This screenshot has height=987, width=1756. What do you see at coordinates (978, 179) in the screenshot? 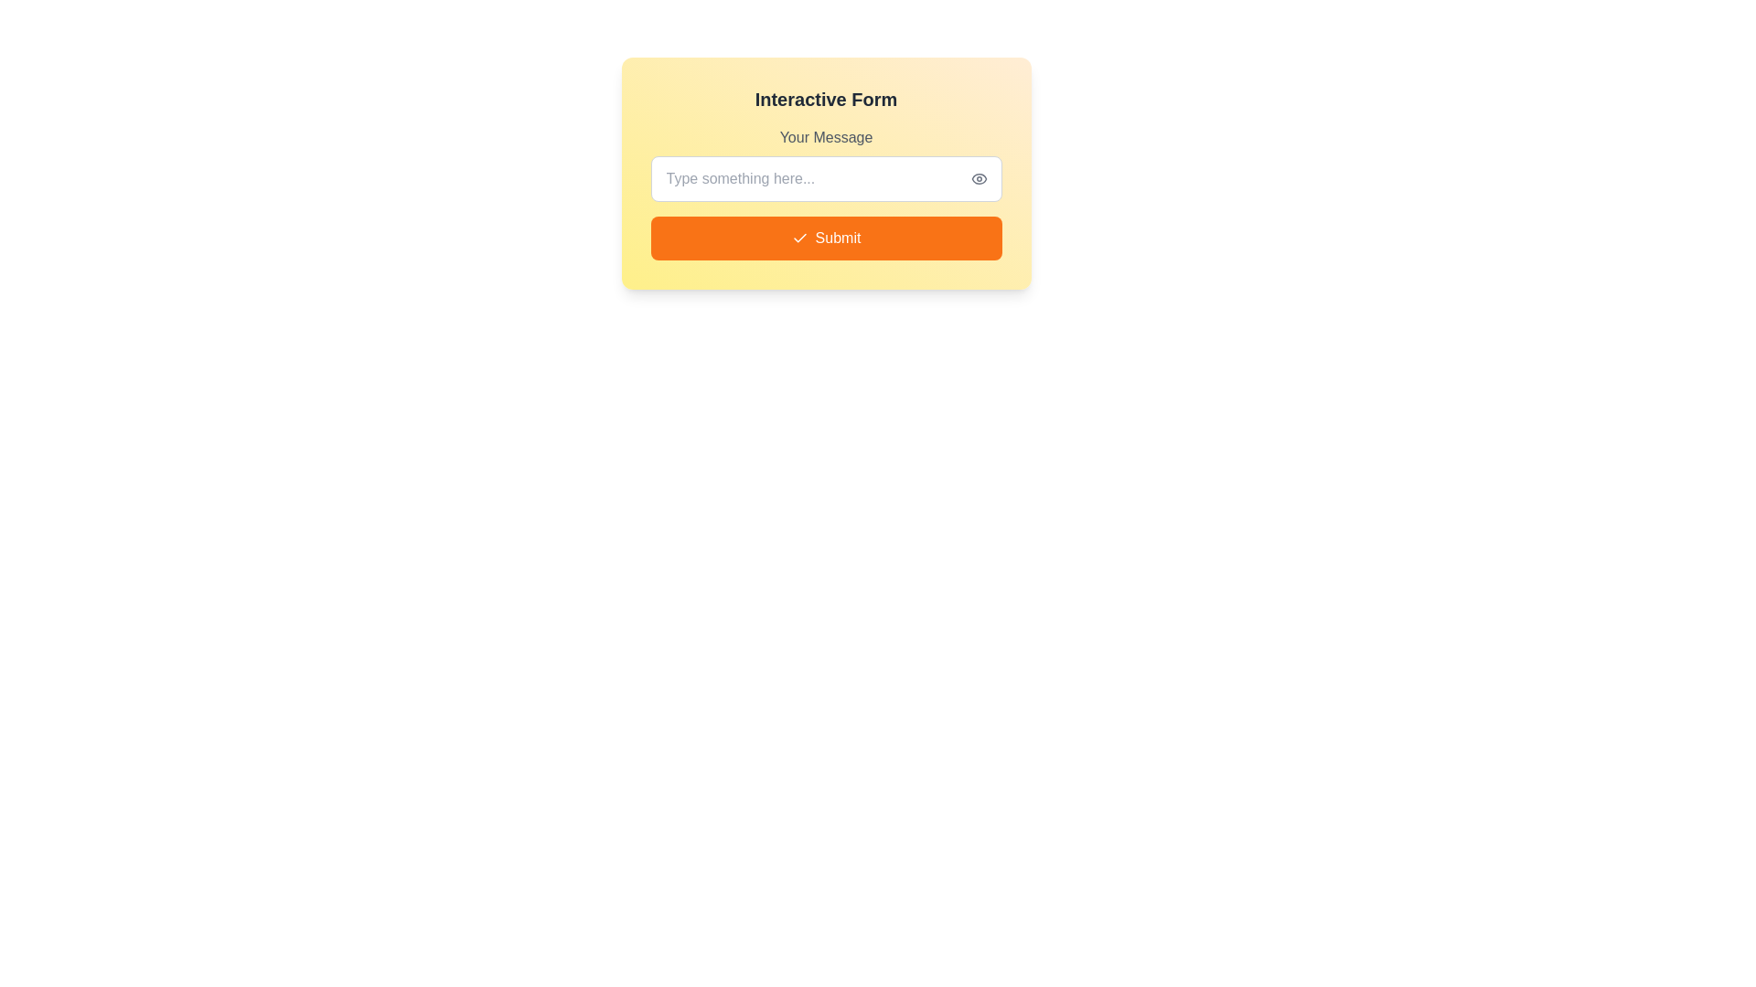
I see `the icon button located at the far-right end of the text input box to possibly see a tooltip` at bounding box center [978, 179].